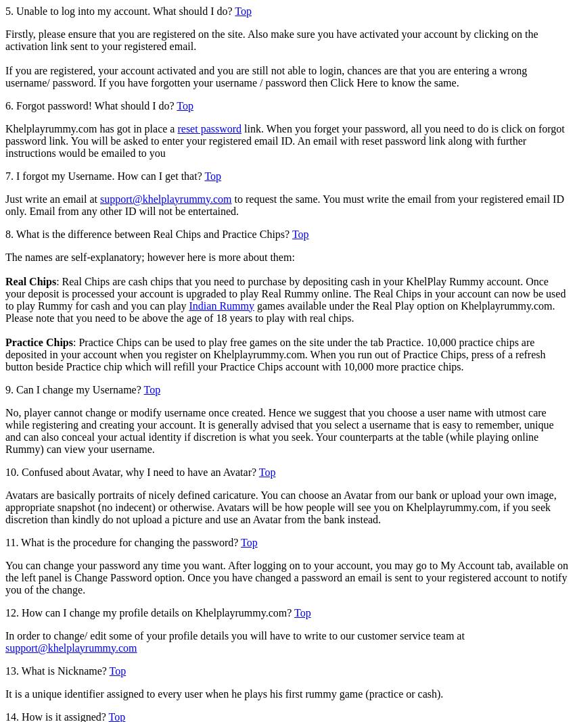 This screenshot has height=722, width=575. What do you see at coordinates (280, 311) in the screenshot?
I see `'games available under the Real Play option on Khelplayrummy.com. Please note that you need to be above the age of 18 years to play with real chips.'` at bounding box center [280, 311].